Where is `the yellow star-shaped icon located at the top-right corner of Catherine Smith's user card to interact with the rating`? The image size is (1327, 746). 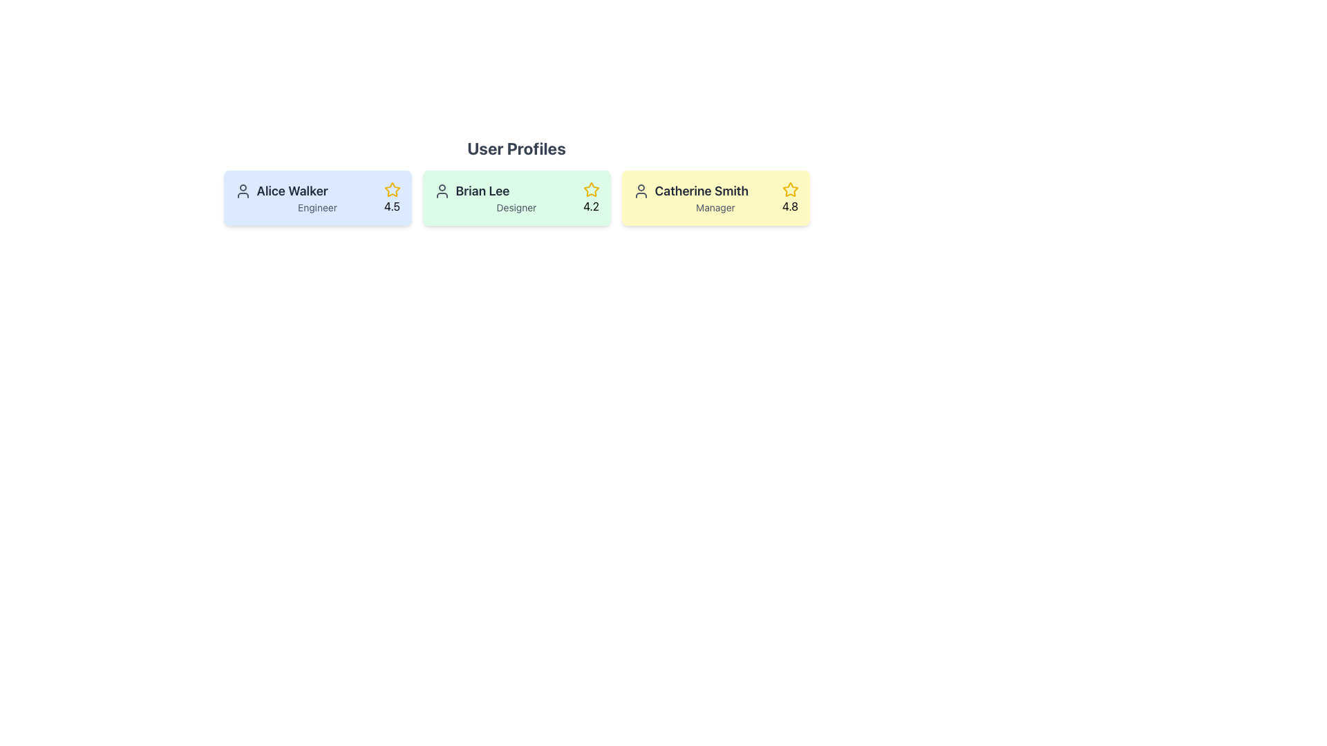
the yellow star-shaped icon located at the top-right corner of Catherine Smith's user card to interact with the rating is located at coordinates (790, 189).